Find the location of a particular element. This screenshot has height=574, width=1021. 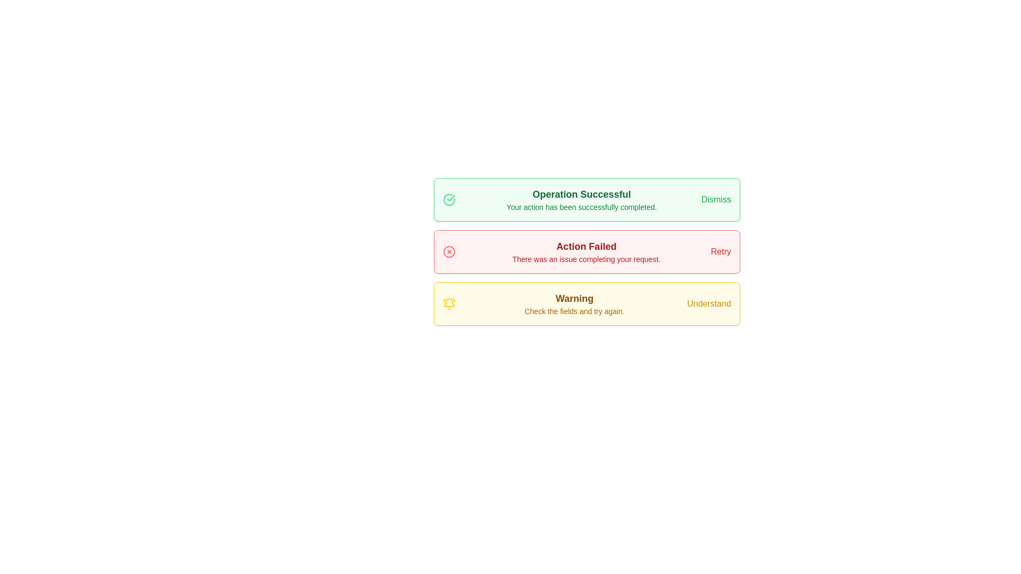

the 'Dismiss' button with green text is located at coordinates (716, 199).